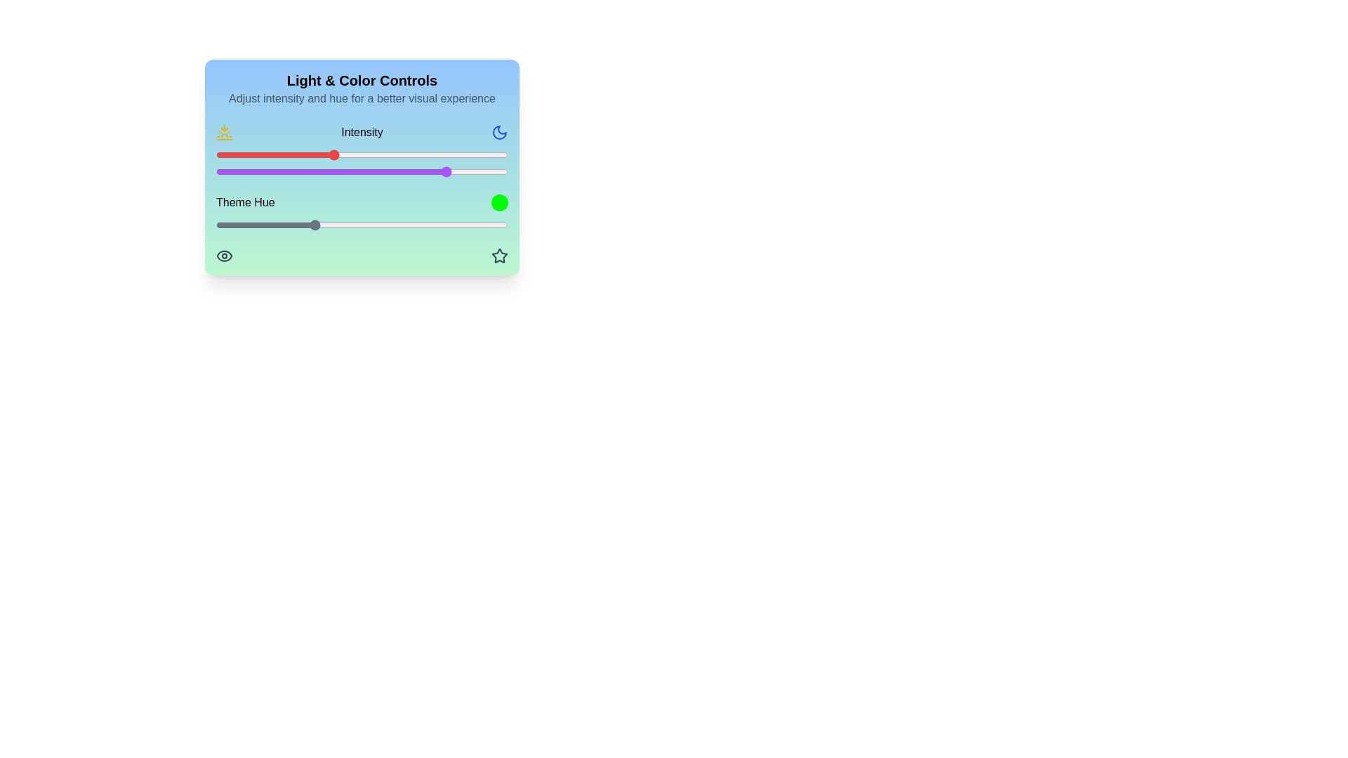  I want to click on descriptive content of the central control panel for managing light intensity and color hue settings, so click(362, 167).